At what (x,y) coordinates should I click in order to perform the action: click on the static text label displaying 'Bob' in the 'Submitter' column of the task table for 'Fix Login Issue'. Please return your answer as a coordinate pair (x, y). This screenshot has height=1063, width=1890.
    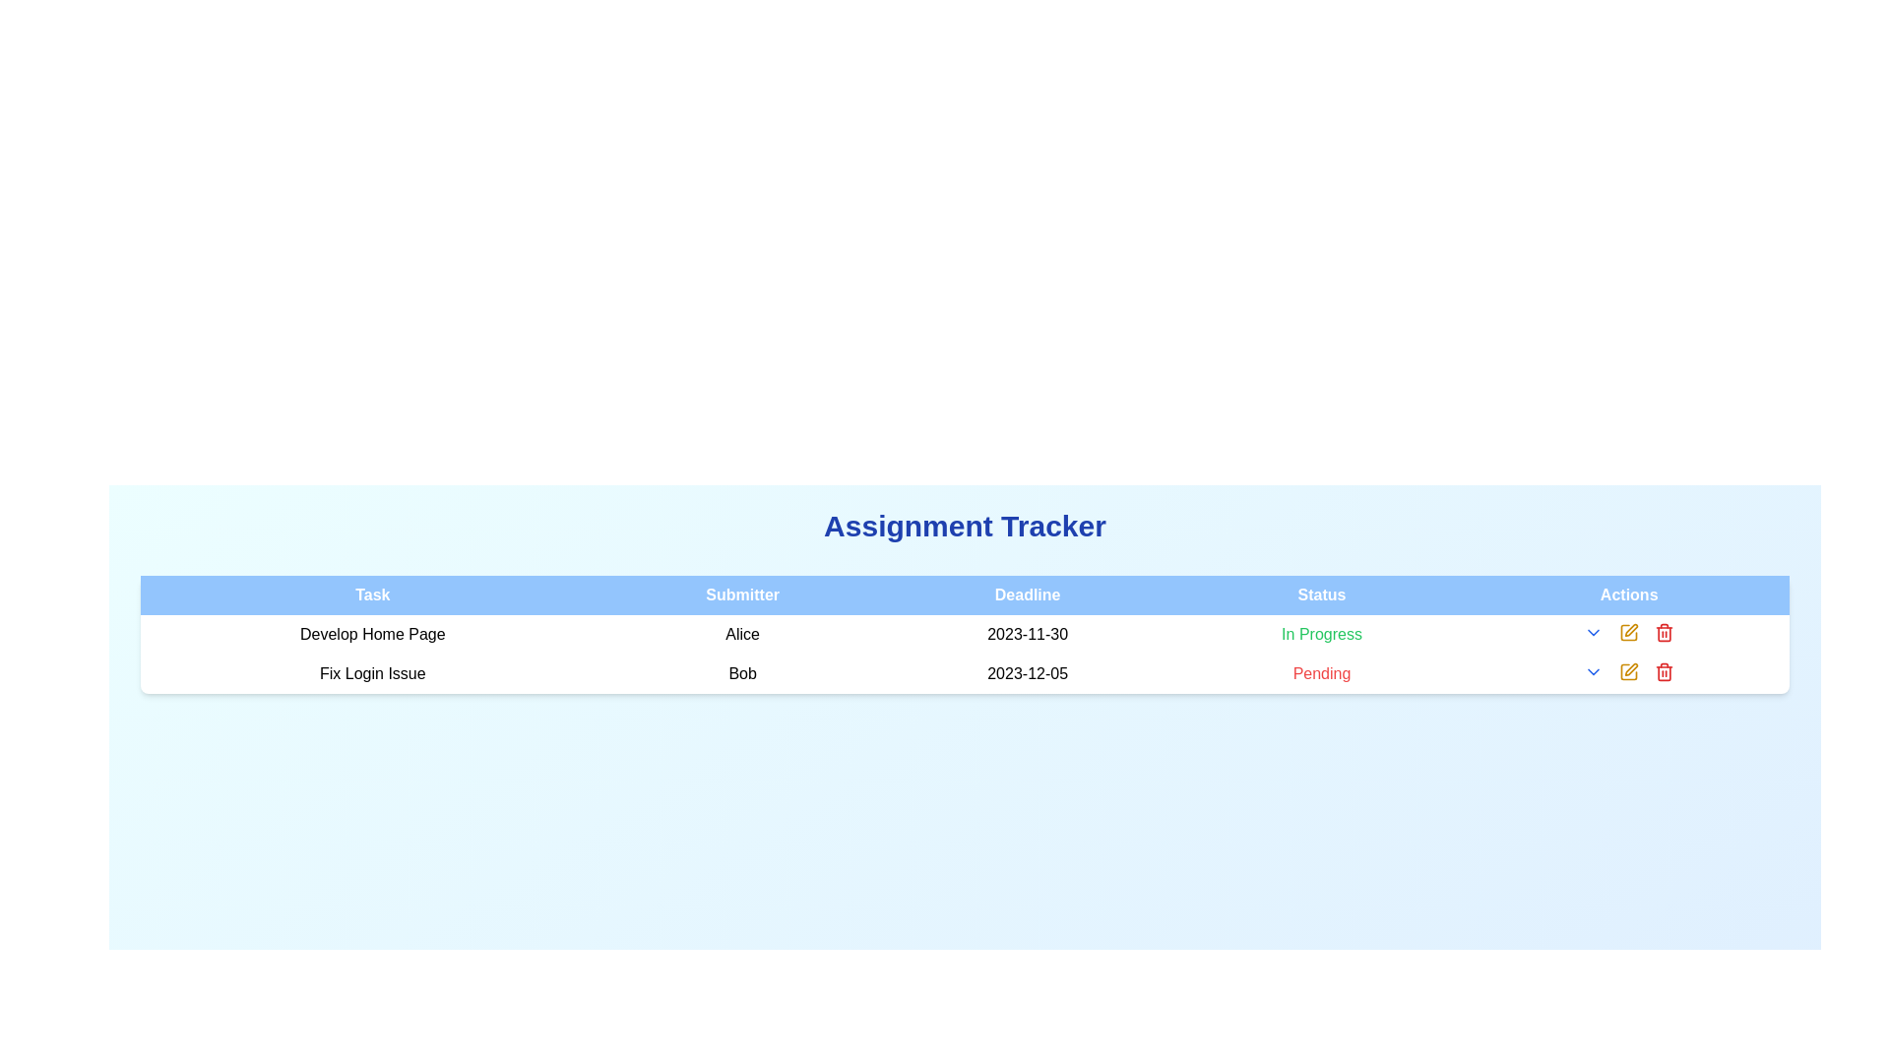
    Looking at the image, I should click on (741, 673).